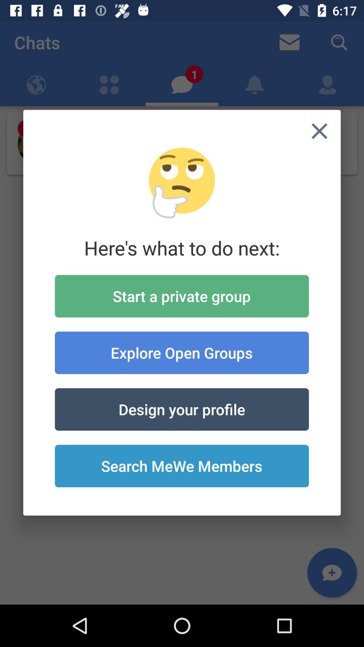 This screenshot has width=364, height=647. I want to click on explore open groups item, so click(181, 352).